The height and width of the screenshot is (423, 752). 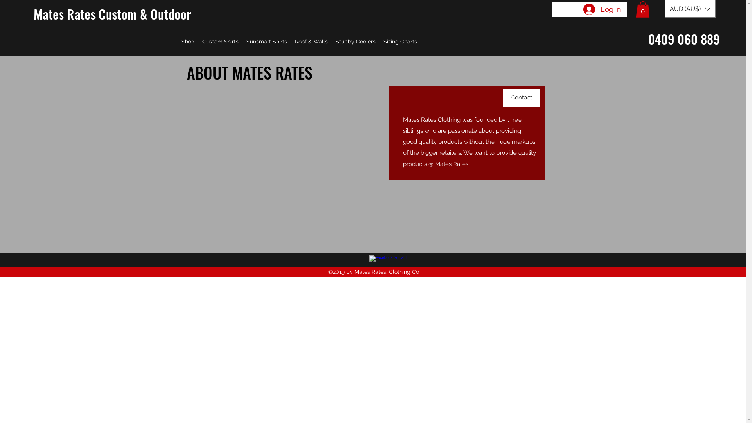 I want to click on 'AUD (AU$)', so click(x=690, y=9).